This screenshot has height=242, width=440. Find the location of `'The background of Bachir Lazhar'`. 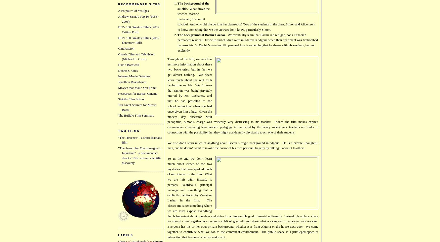

'The background of Bachir Lazhar' is located at coordinates (201, 34).